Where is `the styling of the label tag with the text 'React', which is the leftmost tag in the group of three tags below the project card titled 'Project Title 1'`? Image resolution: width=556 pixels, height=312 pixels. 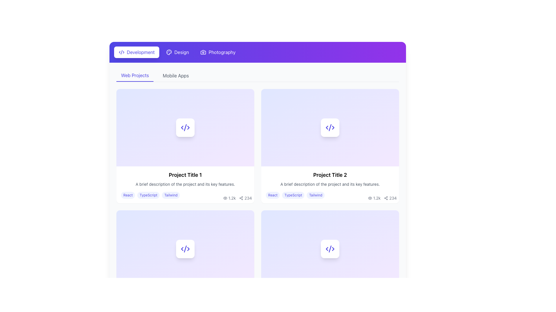 the styling of the label tag with the text 'React', which is the leftmost tag in the group of three tags below the project card titled 'Project Title 1' is located at coordinates (128, 195).